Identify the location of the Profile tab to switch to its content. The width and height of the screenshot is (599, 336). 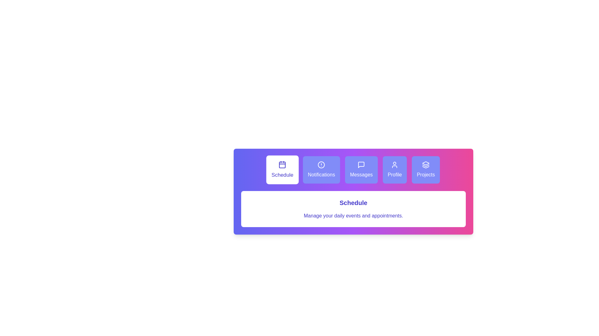
(394, 170).